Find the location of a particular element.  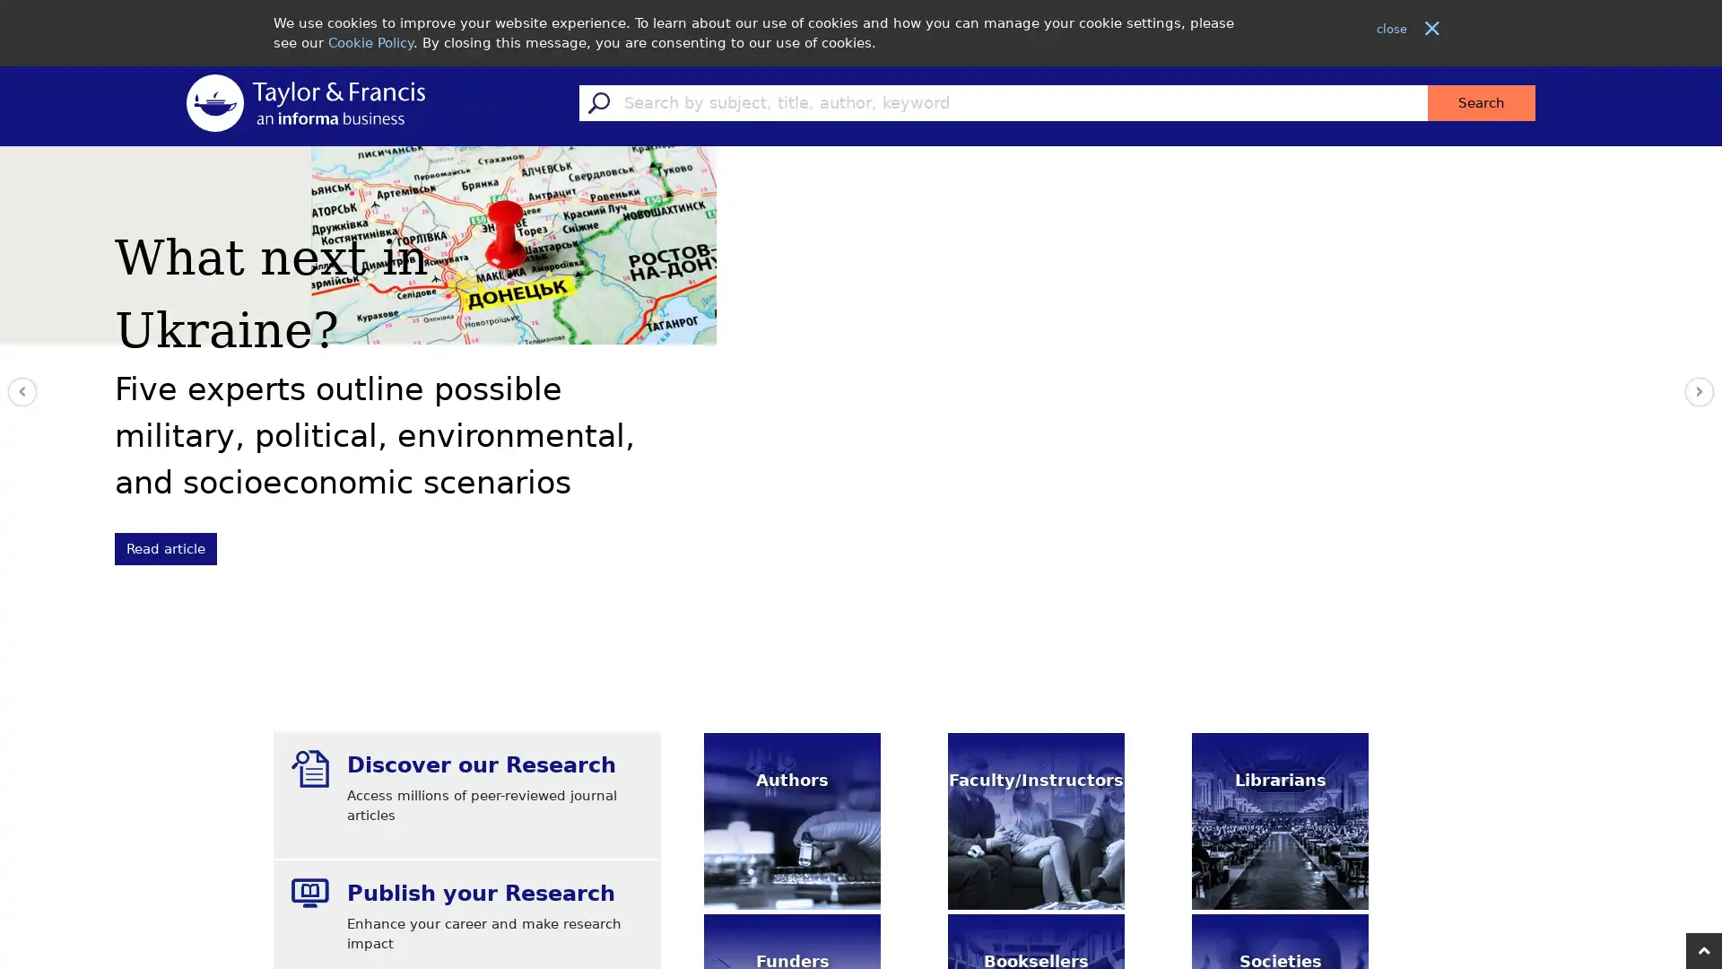

Search is located at coordinates (1481, 102).